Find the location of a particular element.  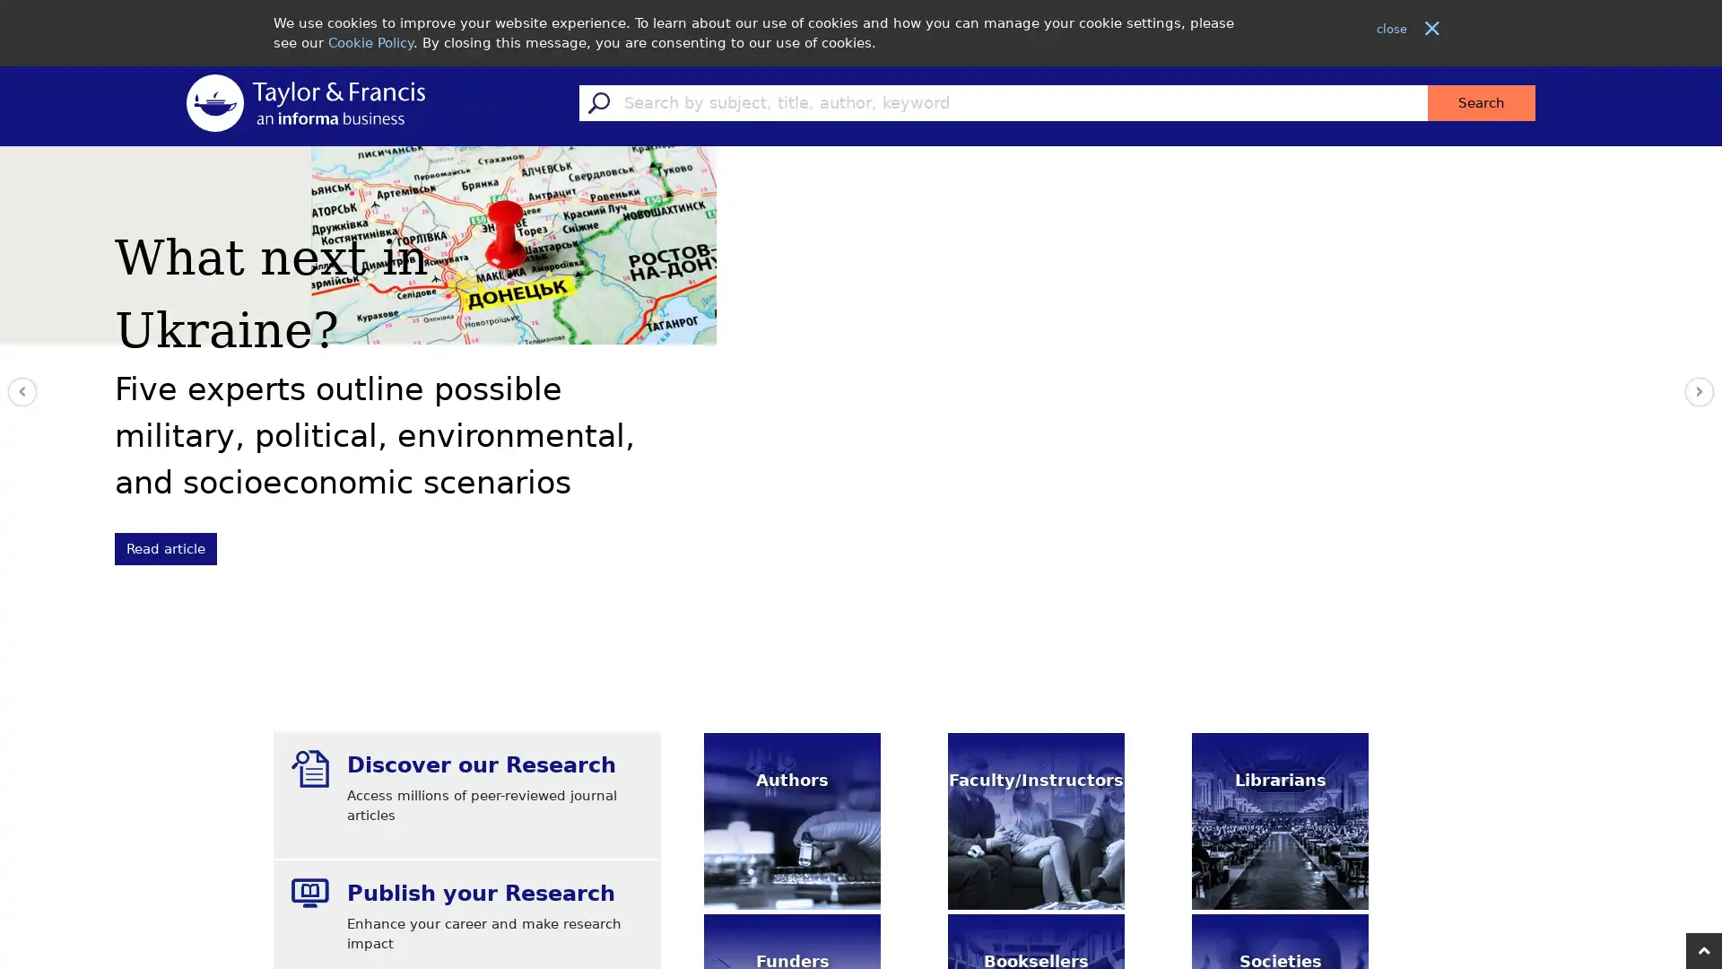

Search is located at coordinates (1481, 102).